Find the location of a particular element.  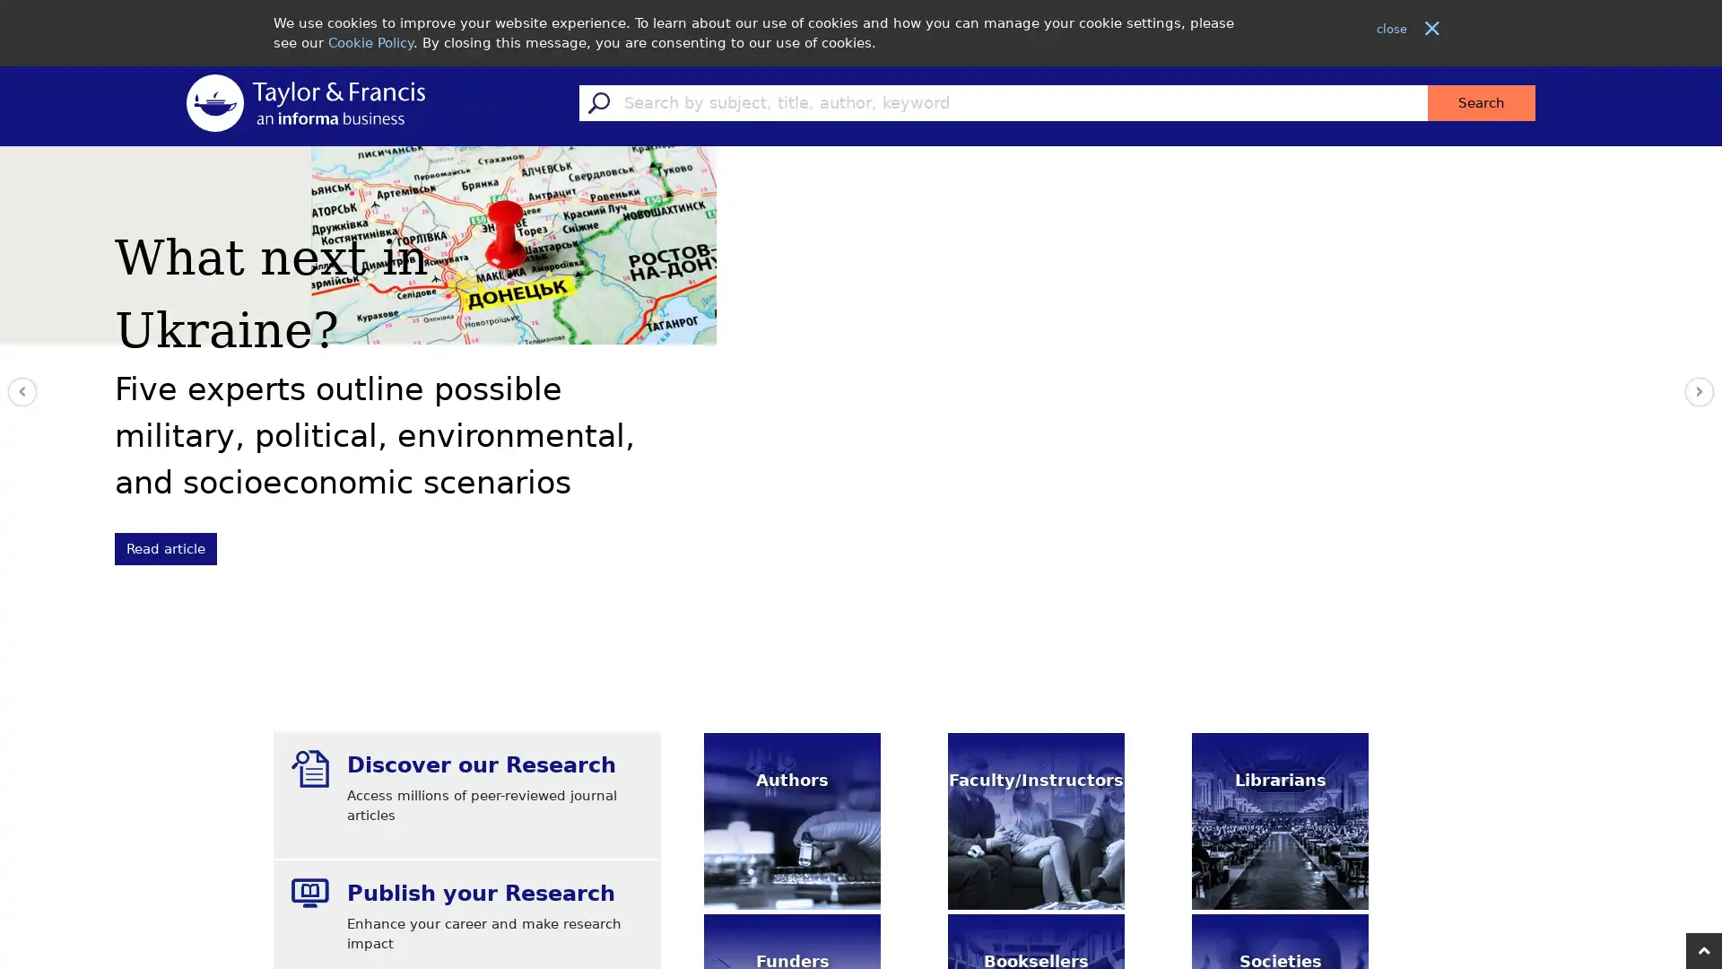

Search is located at coordinates (1481, 102).